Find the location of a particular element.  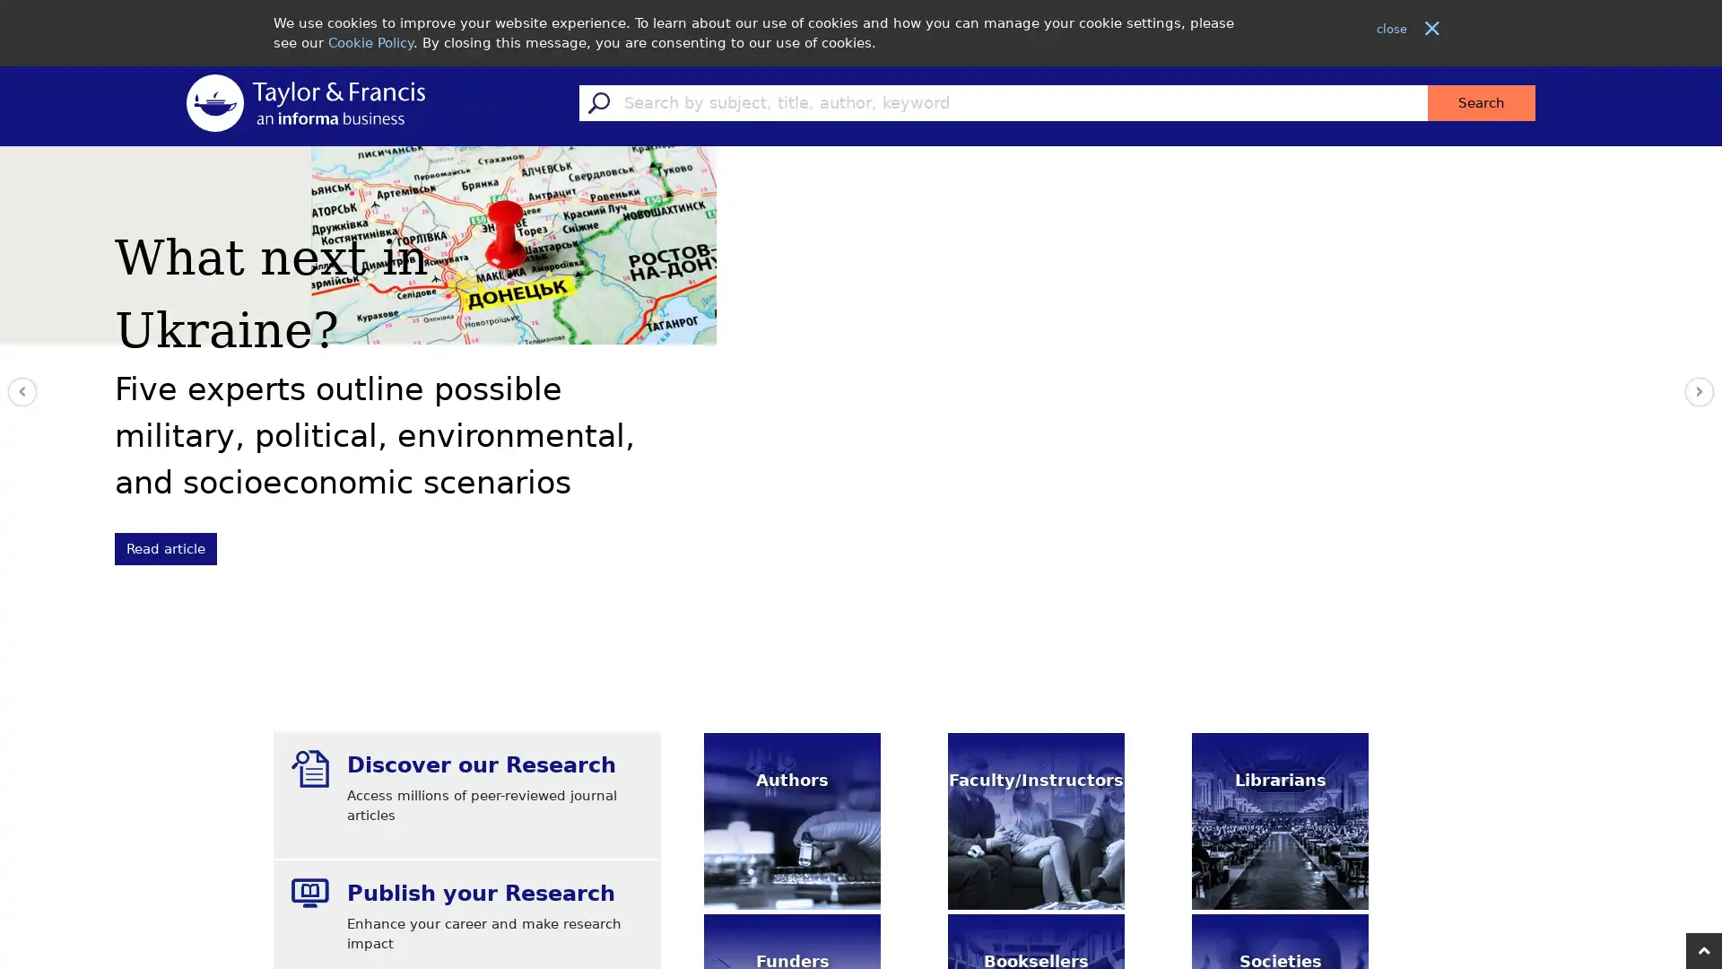

Search is located at coordinates (1481, 102).